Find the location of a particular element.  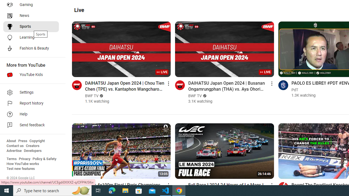

'YouTube Kids' is located at coordinates (31, 75).